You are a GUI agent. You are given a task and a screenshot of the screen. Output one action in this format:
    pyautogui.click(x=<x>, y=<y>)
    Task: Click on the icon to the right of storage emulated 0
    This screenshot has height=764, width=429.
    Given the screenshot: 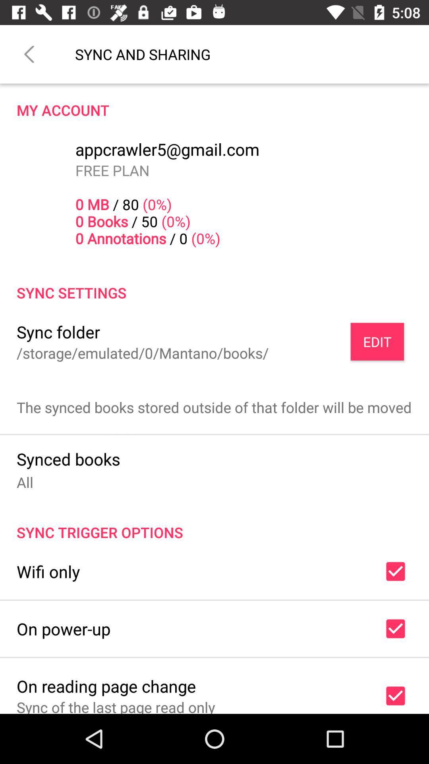 What is the action you would take?
    pyautogui.click(x=377, y=341)
    